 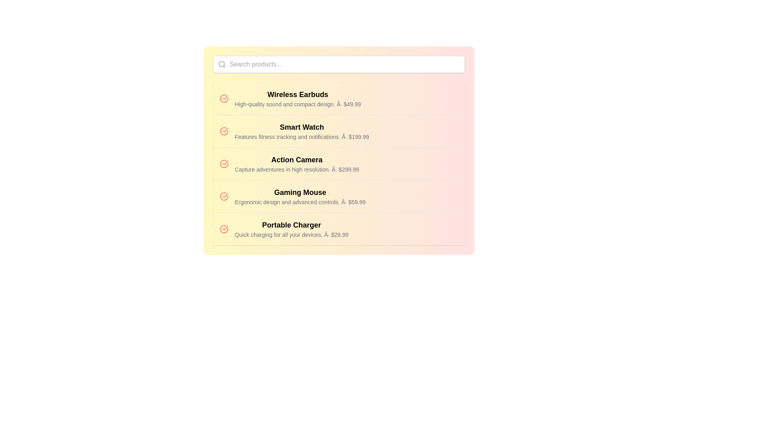 I want to click on the descriptive text element located at the bottom of the 'Portable Charger' list entry, which provides additional product details, so click(x=291, y=234).